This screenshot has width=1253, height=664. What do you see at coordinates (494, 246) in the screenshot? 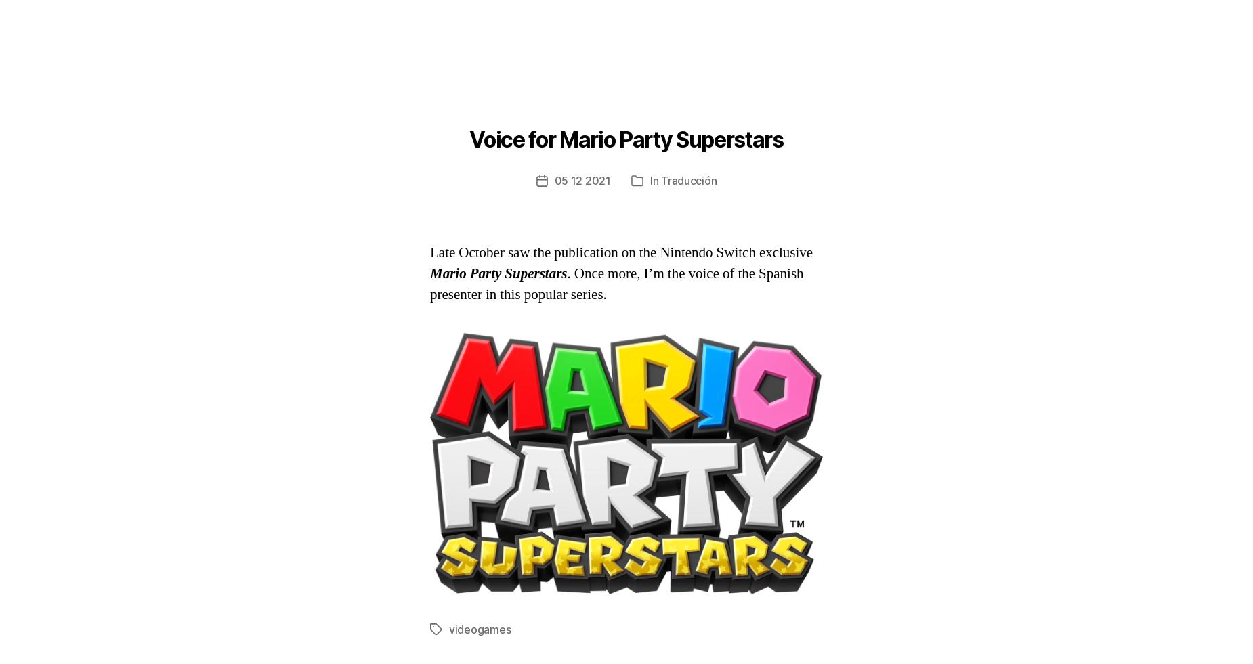
I see `'HobbyConsolas'` at bounding box center [494, 246].